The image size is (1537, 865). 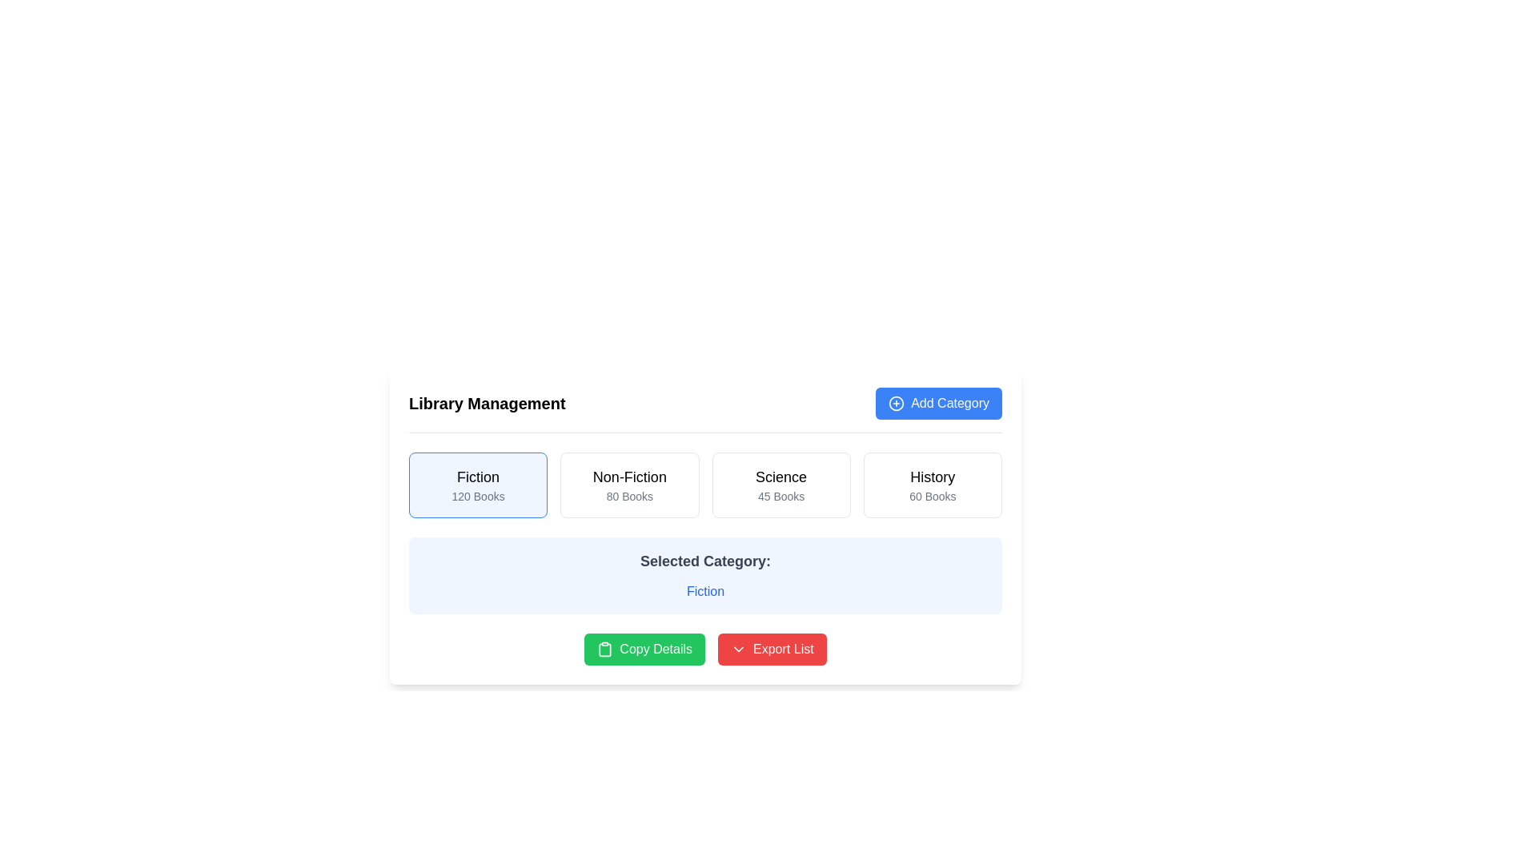 I want to click on the 'History' interactive button or card, which displays the text 'History' in a bold font above '60 Books' in a smaller gray font, located under the 'Library Management' heading, so click(x=933, y=484).